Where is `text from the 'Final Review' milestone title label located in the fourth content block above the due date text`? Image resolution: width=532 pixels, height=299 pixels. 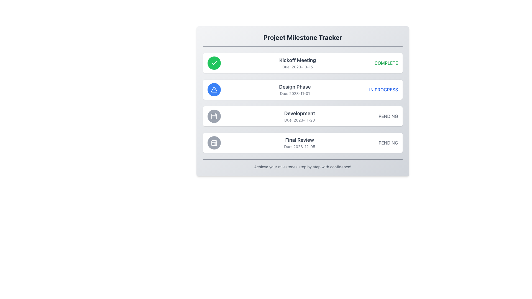 text from the 'Final Review' milestone title label located in the fourth content block above the due date text is located at coordinates (299, 140).